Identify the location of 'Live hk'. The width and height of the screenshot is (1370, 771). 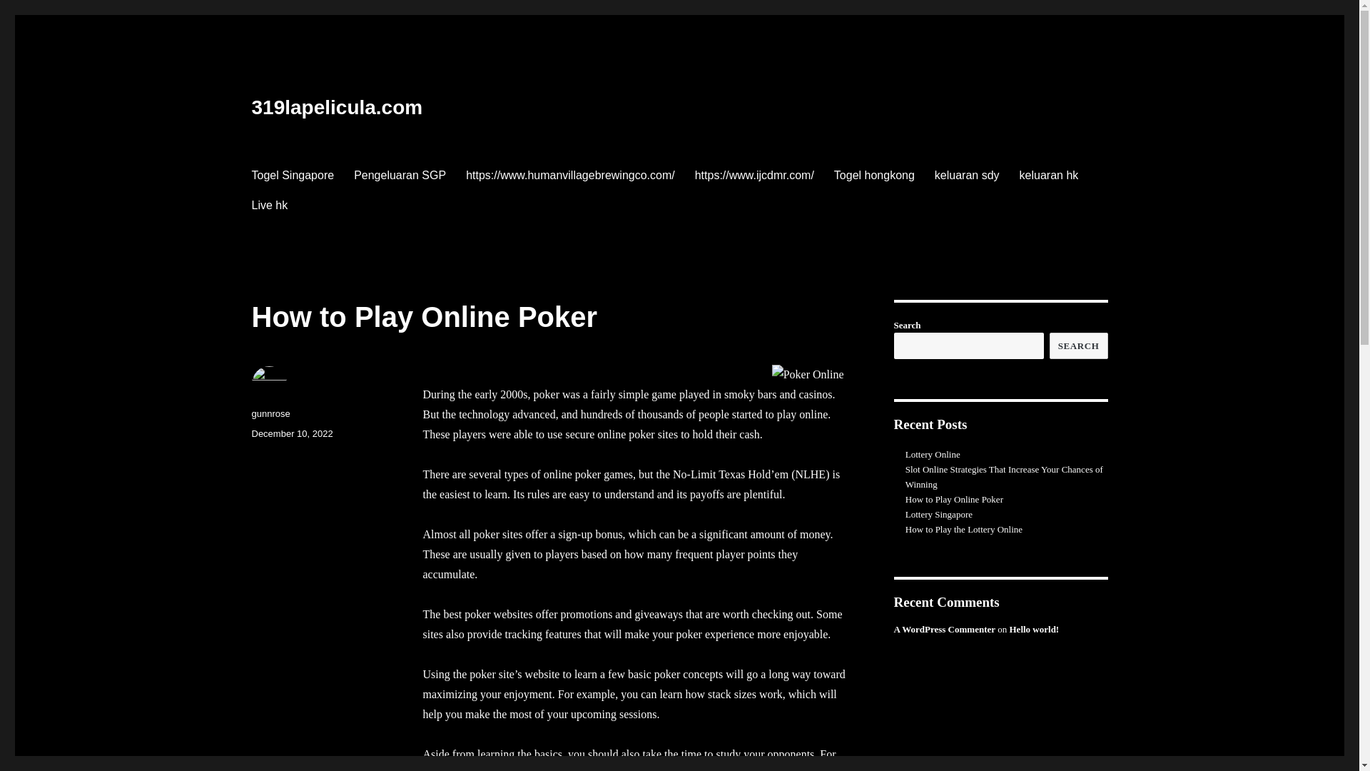
(269, 204).